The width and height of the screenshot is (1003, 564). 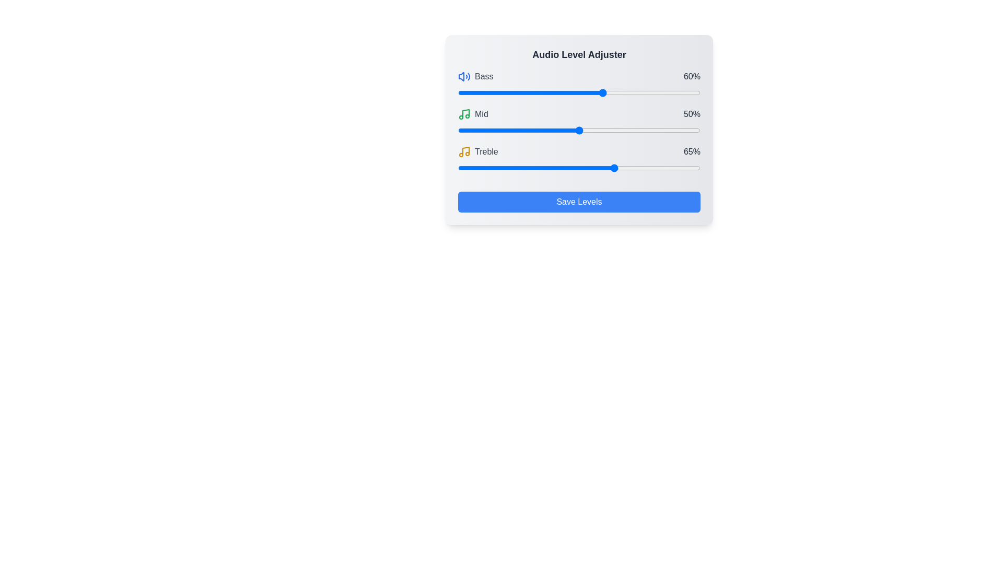 What do you see at coordinates (578, 202) in the screenshot?
I see `the save button located at the bottom of the 'Audio Level Adjuster' panel` at bounding box center [578, 202].